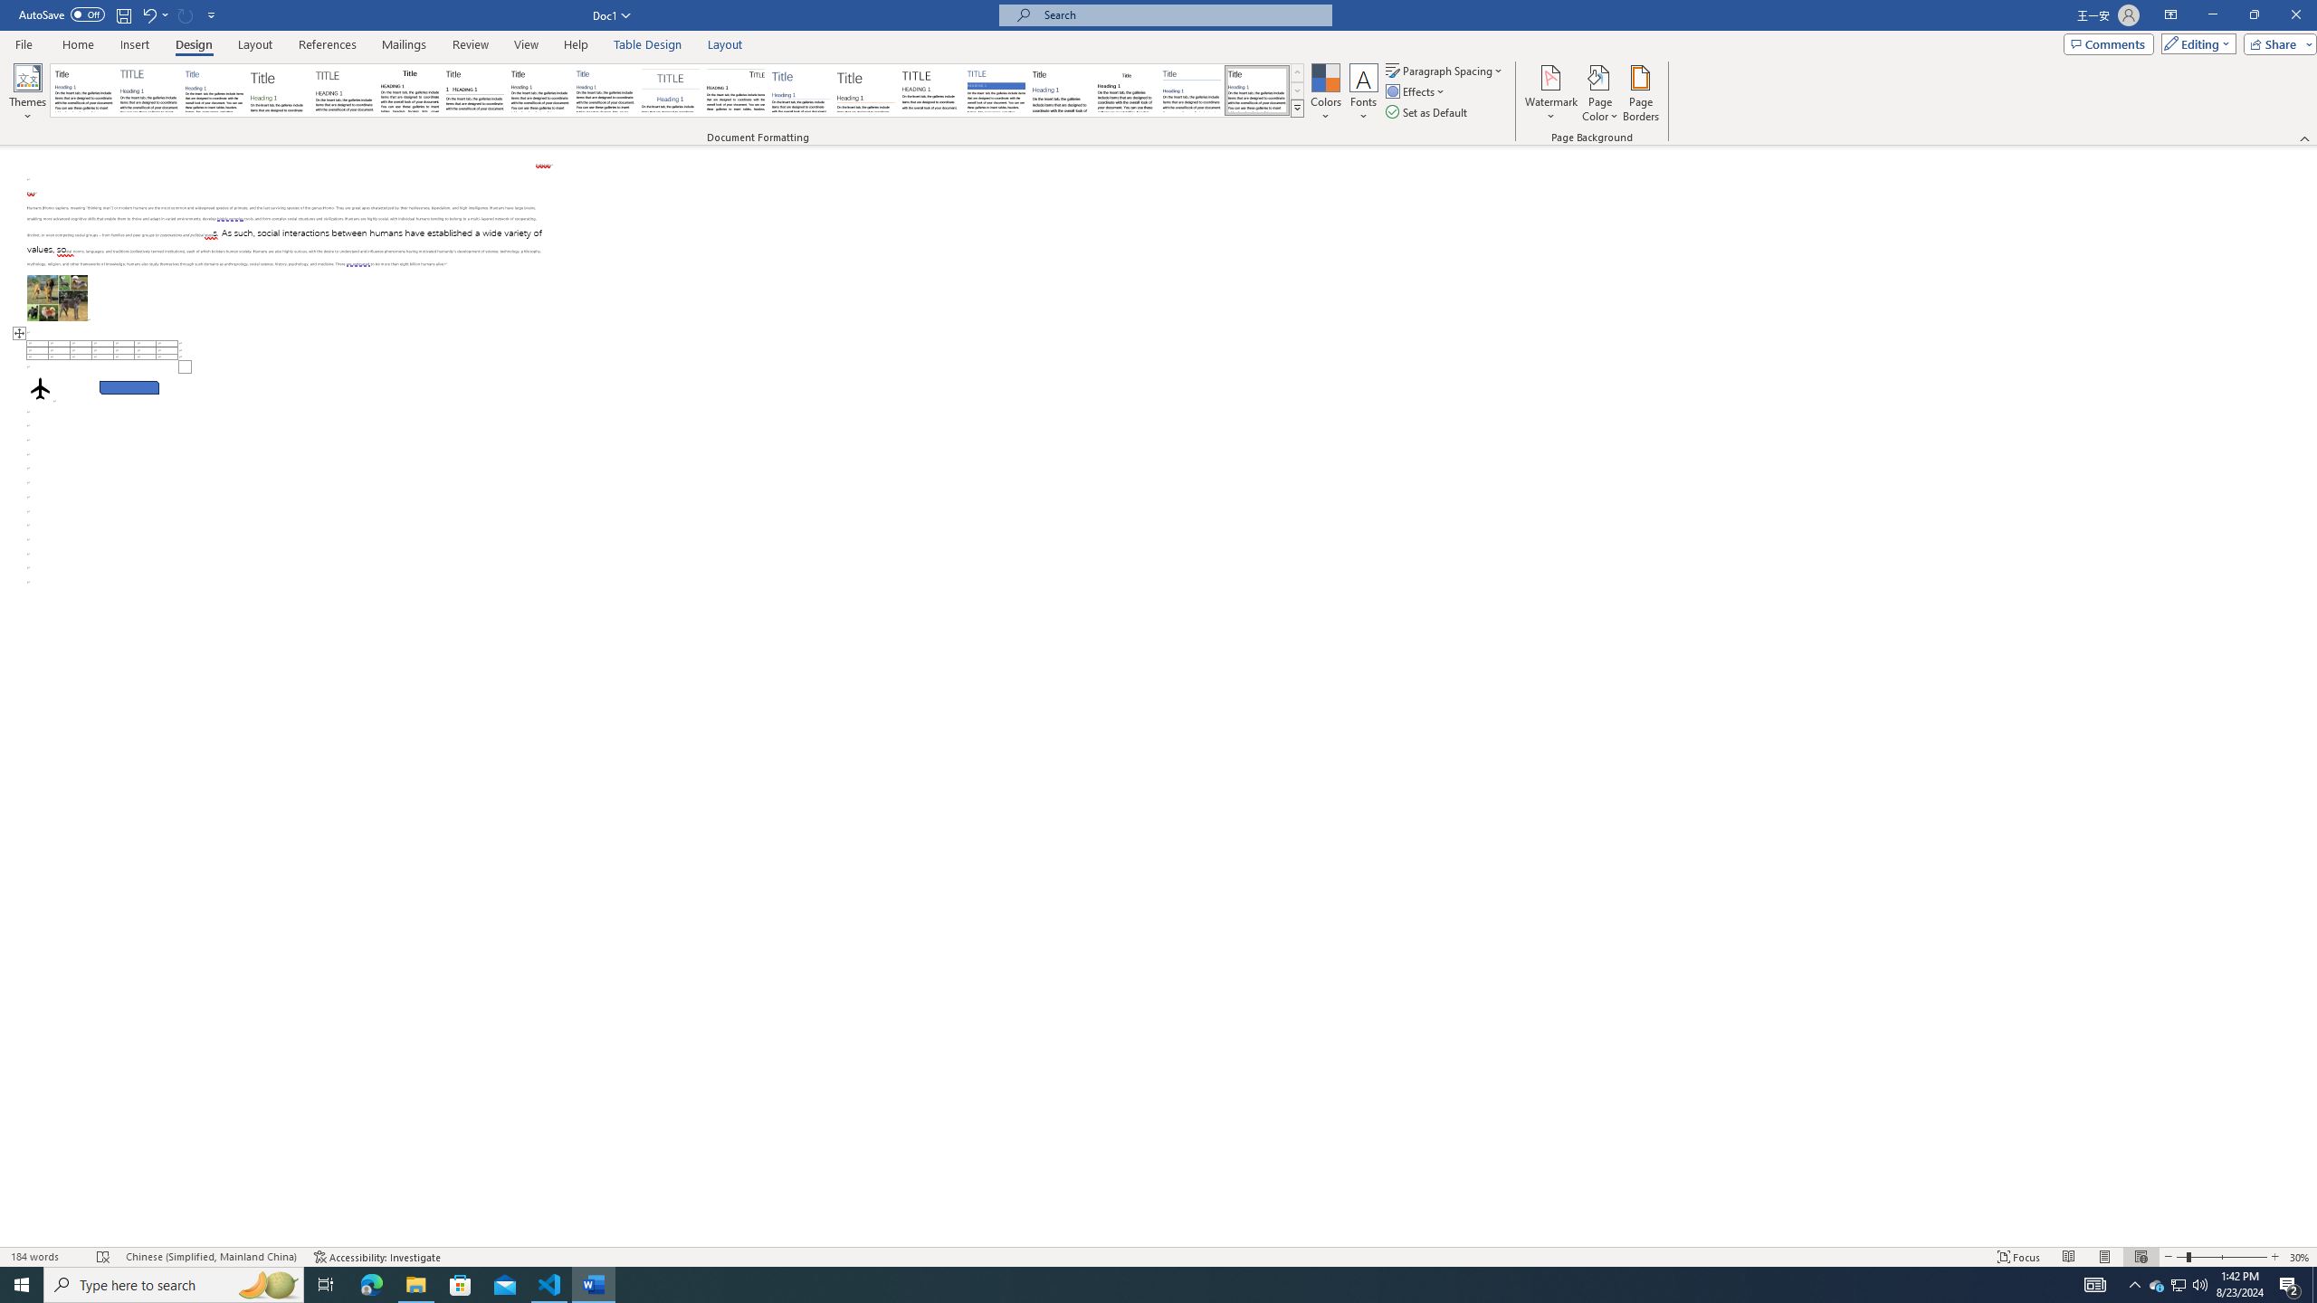 Image resolution: width=2317 pixels, height=1303 pixels. I want to click on 'Undo Apply Quick Style Set', so click(154, 14).